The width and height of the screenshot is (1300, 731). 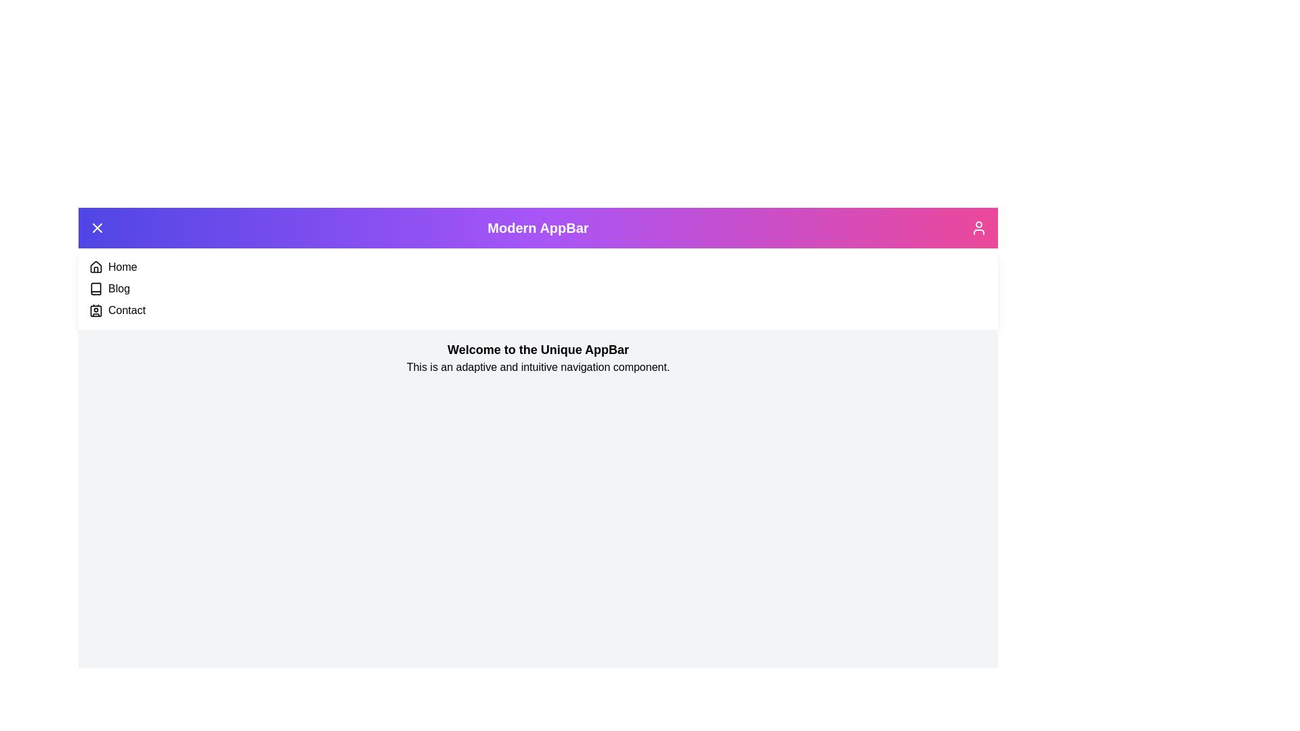 I want to click on the user profile icon located at the top-right corner of the app bar, so click(x=978, y=227).